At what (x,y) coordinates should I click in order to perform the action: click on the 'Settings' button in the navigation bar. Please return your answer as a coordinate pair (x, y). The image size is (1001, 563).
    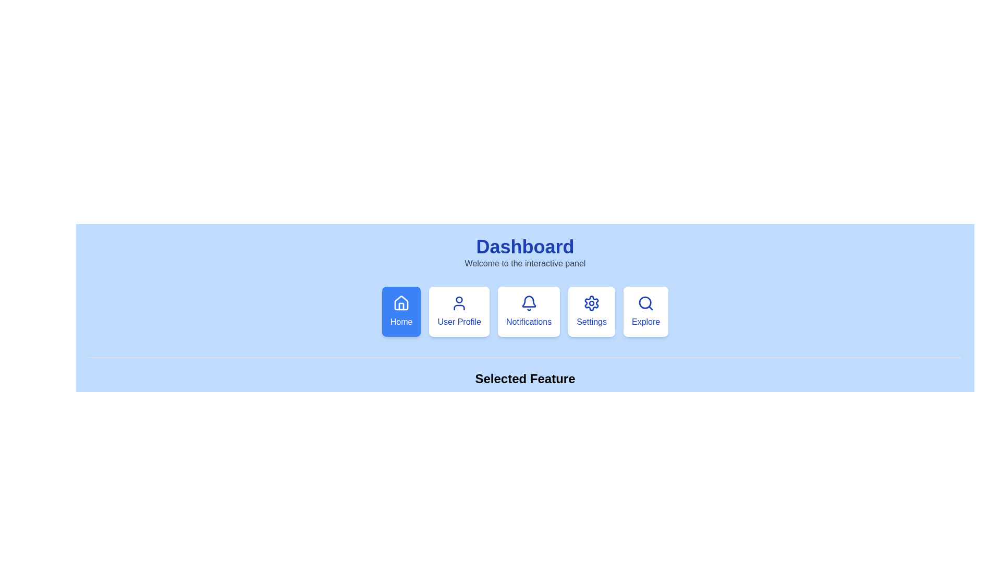
    Looking at the image, I should click on (592, 311).